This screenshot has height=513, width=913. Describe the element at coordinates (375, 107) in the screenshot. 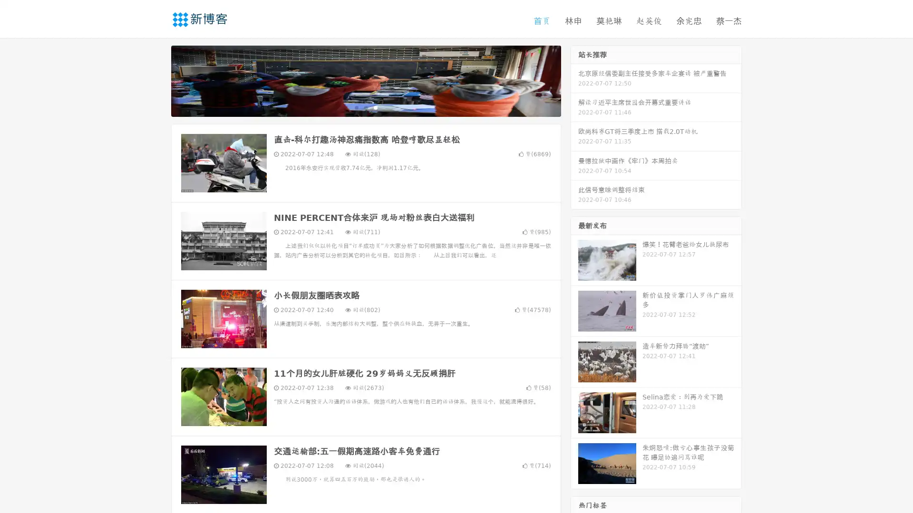

I see `Go to slide 3` at that location.